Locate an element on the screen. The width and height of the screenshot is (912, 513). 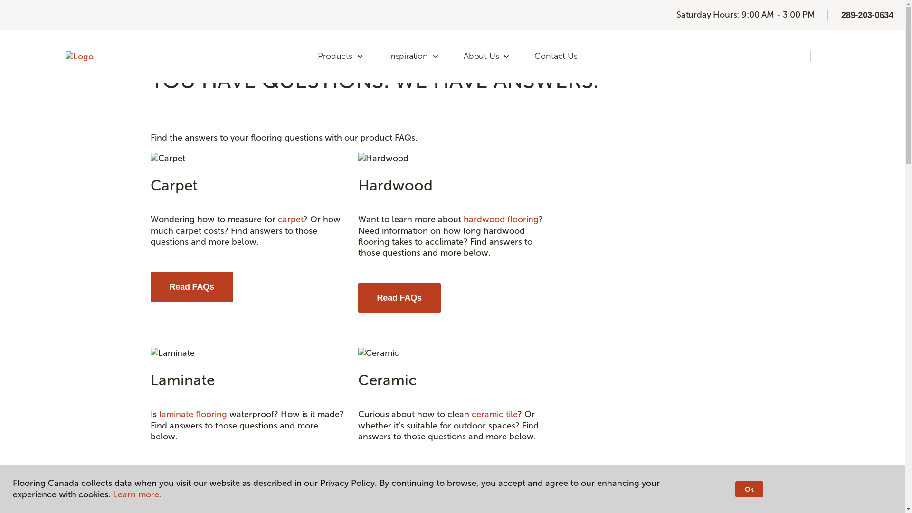
'Inspiration' is located at coordinates (413, 57).